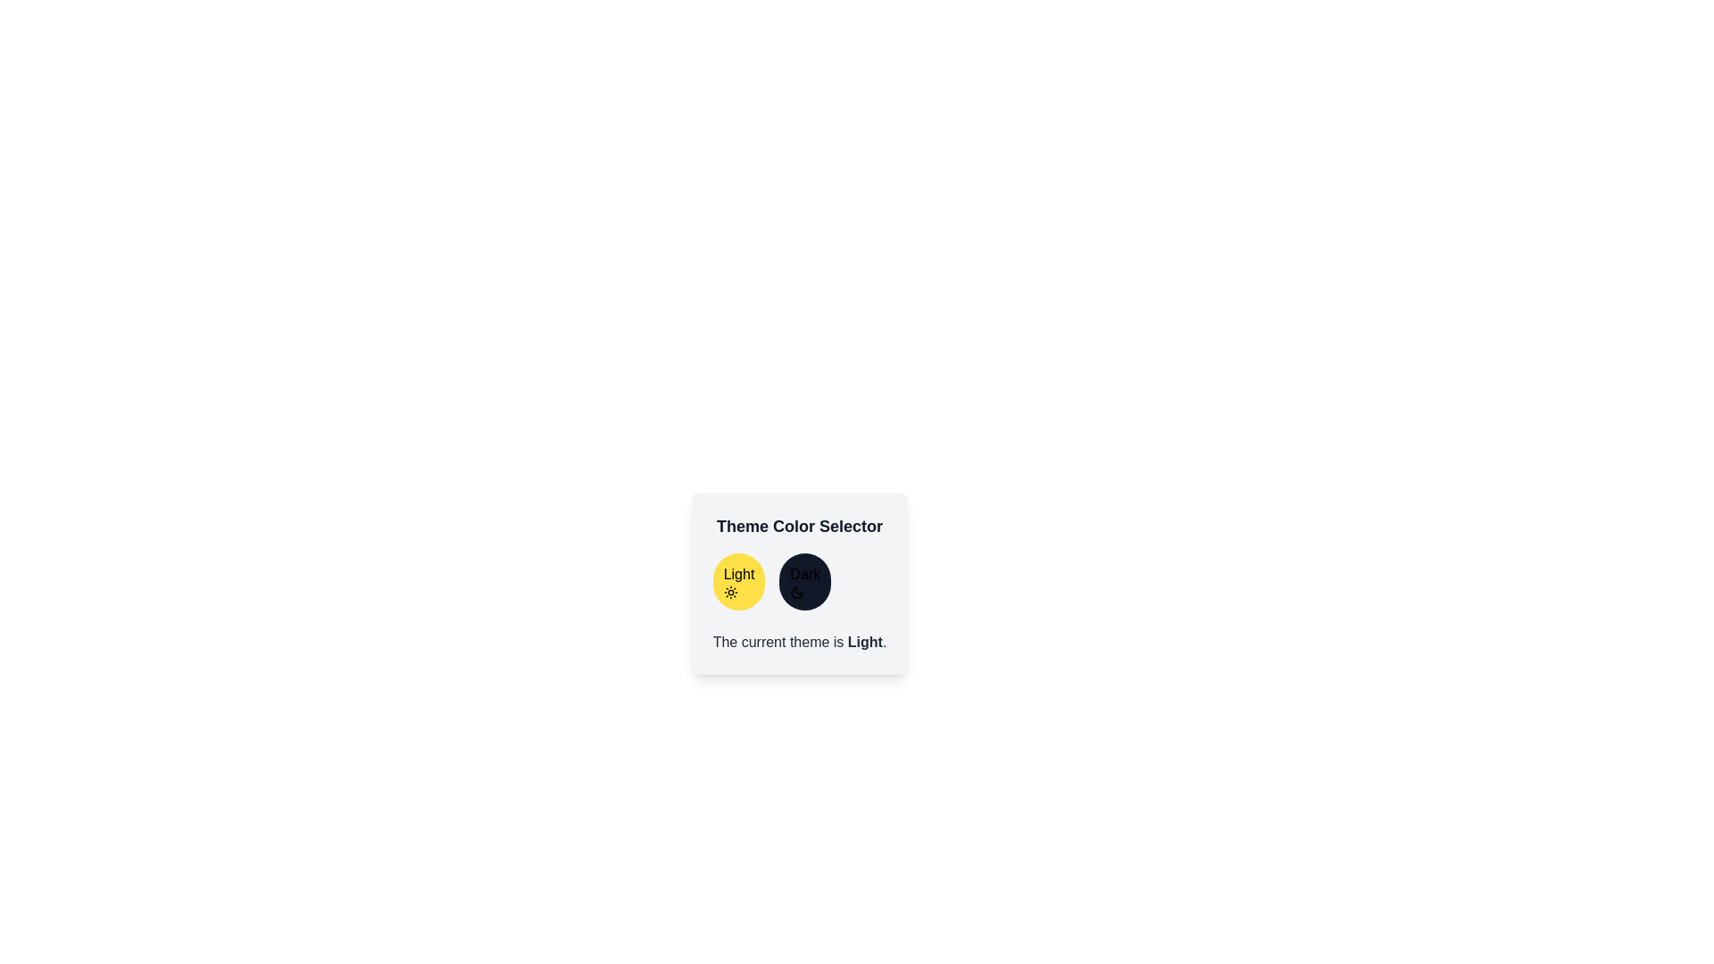 The width and height of the screenshot is (1714, 964). What do you see at coordinates (738, 581) in the screenshot?
I see `the theme button to select the Light theme` at bounding box center [738, 581].